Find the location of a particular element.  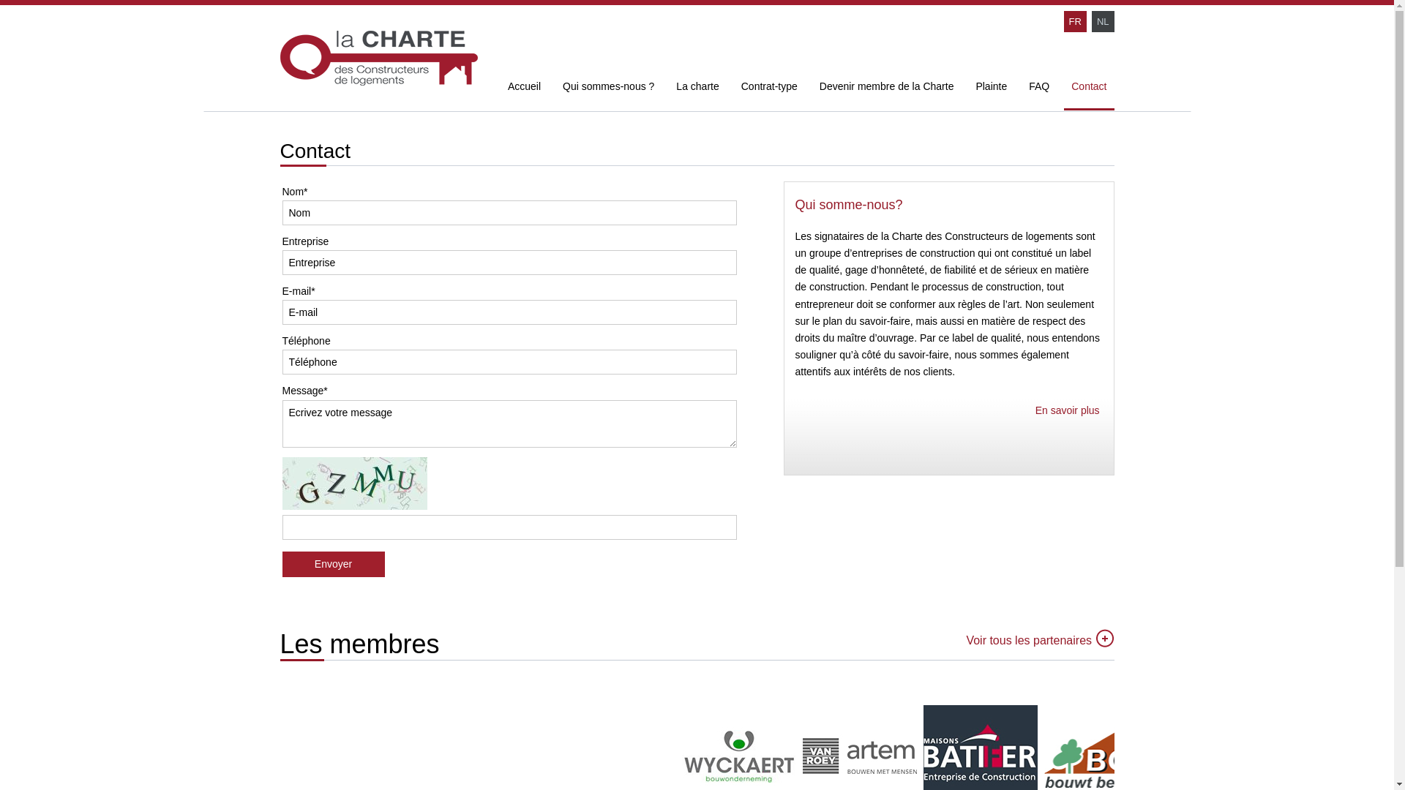

'En savoir plus' is located at coordinates (1035, 410).